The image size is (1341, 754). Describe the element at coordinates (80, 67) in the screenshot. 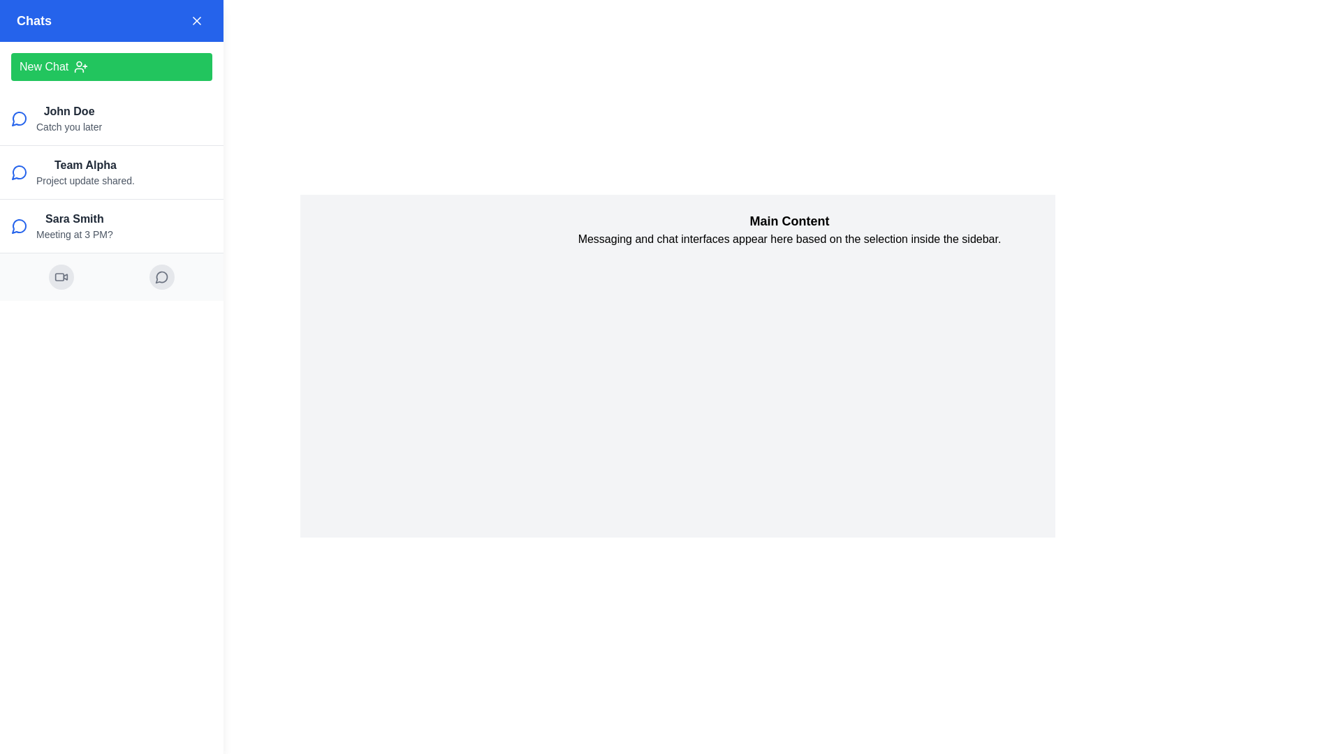

I see `the user icon with a plus sign located inside the green 'New Chat' button` at that location.